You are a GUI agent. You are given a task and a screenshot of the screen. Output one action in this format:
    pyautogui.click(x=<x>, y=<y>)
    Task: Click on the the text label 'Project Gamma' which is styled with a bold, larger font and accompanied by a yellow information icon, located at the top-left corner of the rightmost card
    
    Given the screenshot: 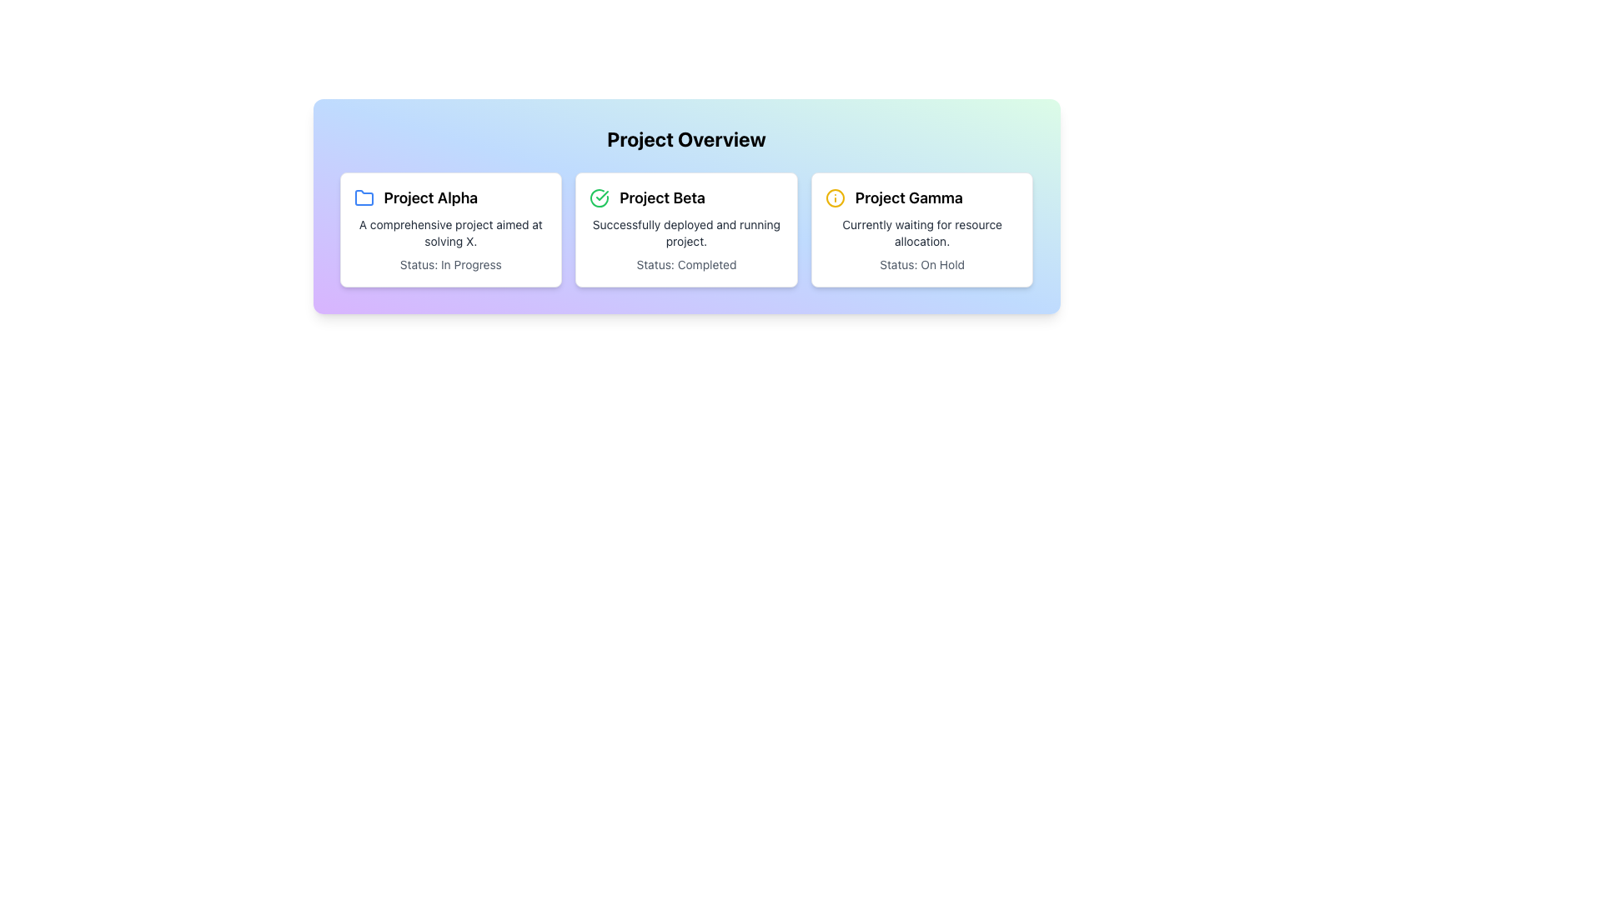 What is the action you would take?
    pyautogui.click(x=921, y=197)
    